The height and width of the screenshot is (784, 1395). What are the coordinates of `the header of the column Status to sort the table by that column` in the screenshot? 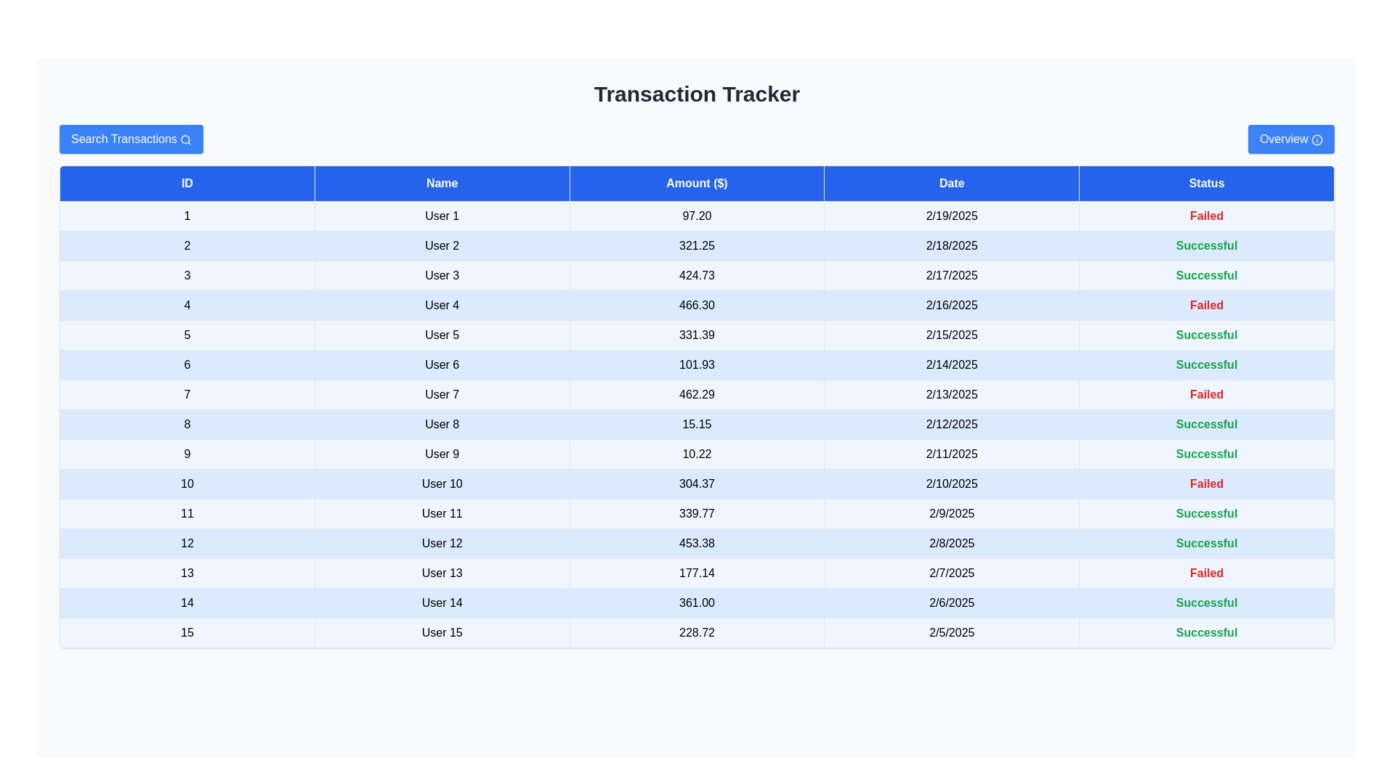 It's located at (1207, 183).